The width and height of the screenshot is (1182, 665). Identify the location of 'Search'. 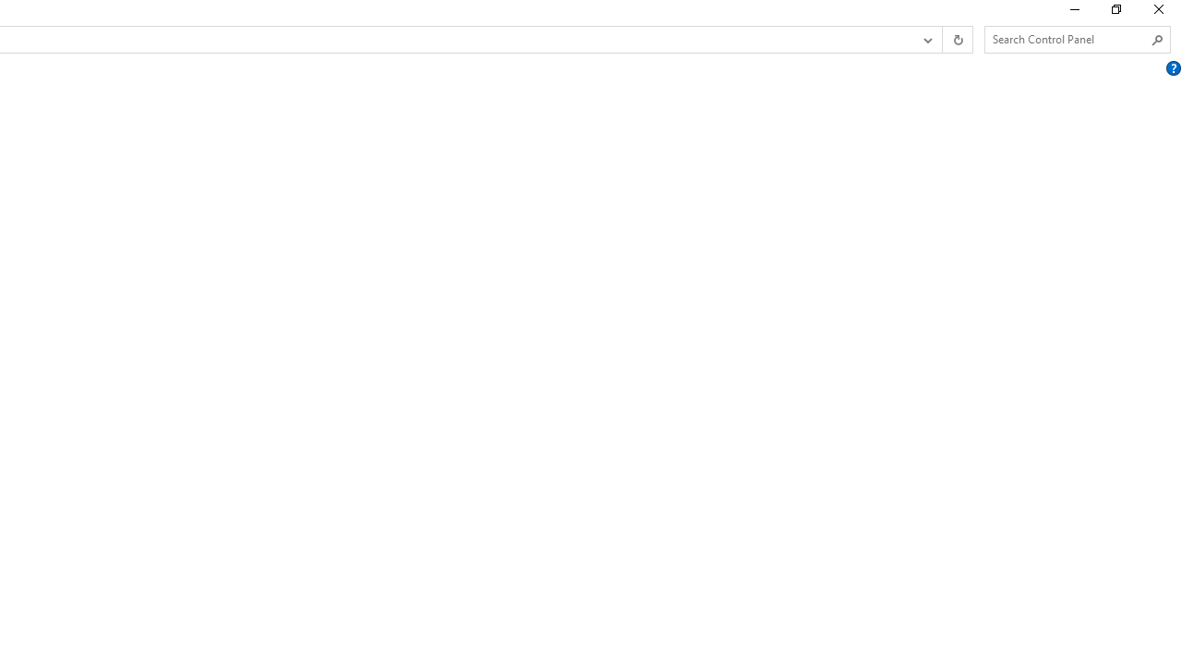
(1156, 40).